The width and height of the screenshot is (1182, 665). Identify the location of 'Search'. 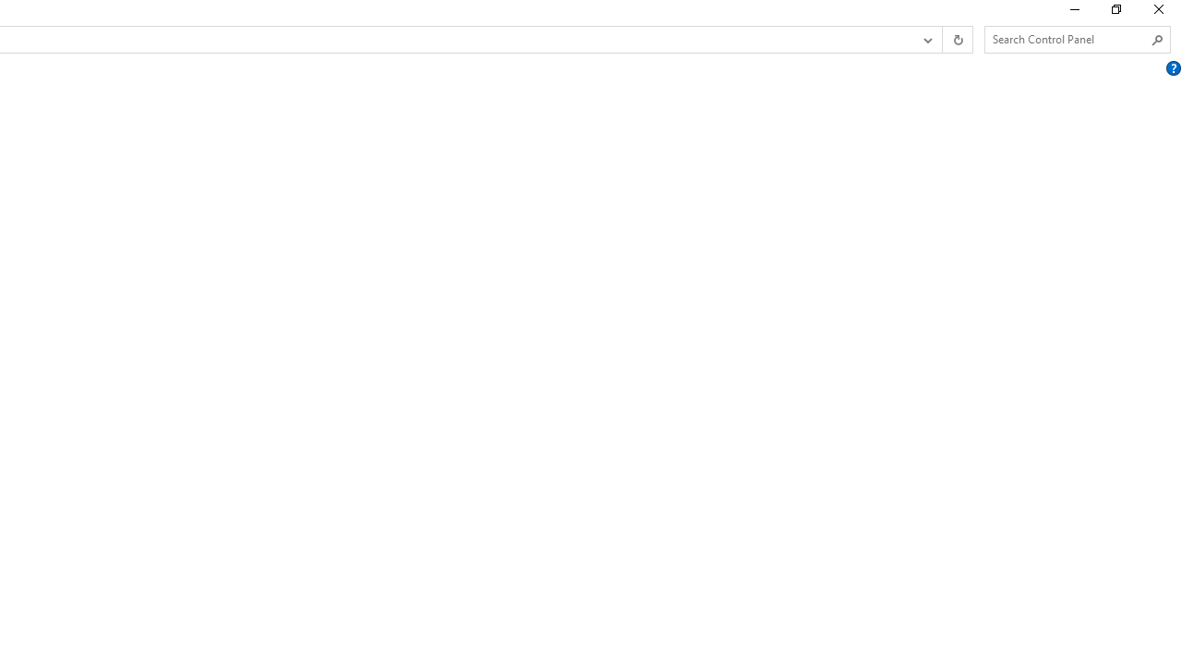
(1156, 40).